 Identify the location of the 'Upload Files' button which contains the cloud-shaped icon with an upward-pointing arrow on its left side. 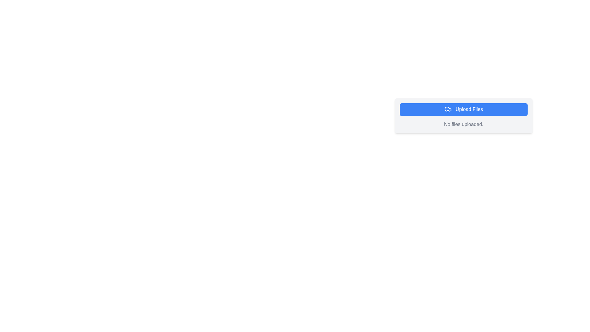
(448, 109).